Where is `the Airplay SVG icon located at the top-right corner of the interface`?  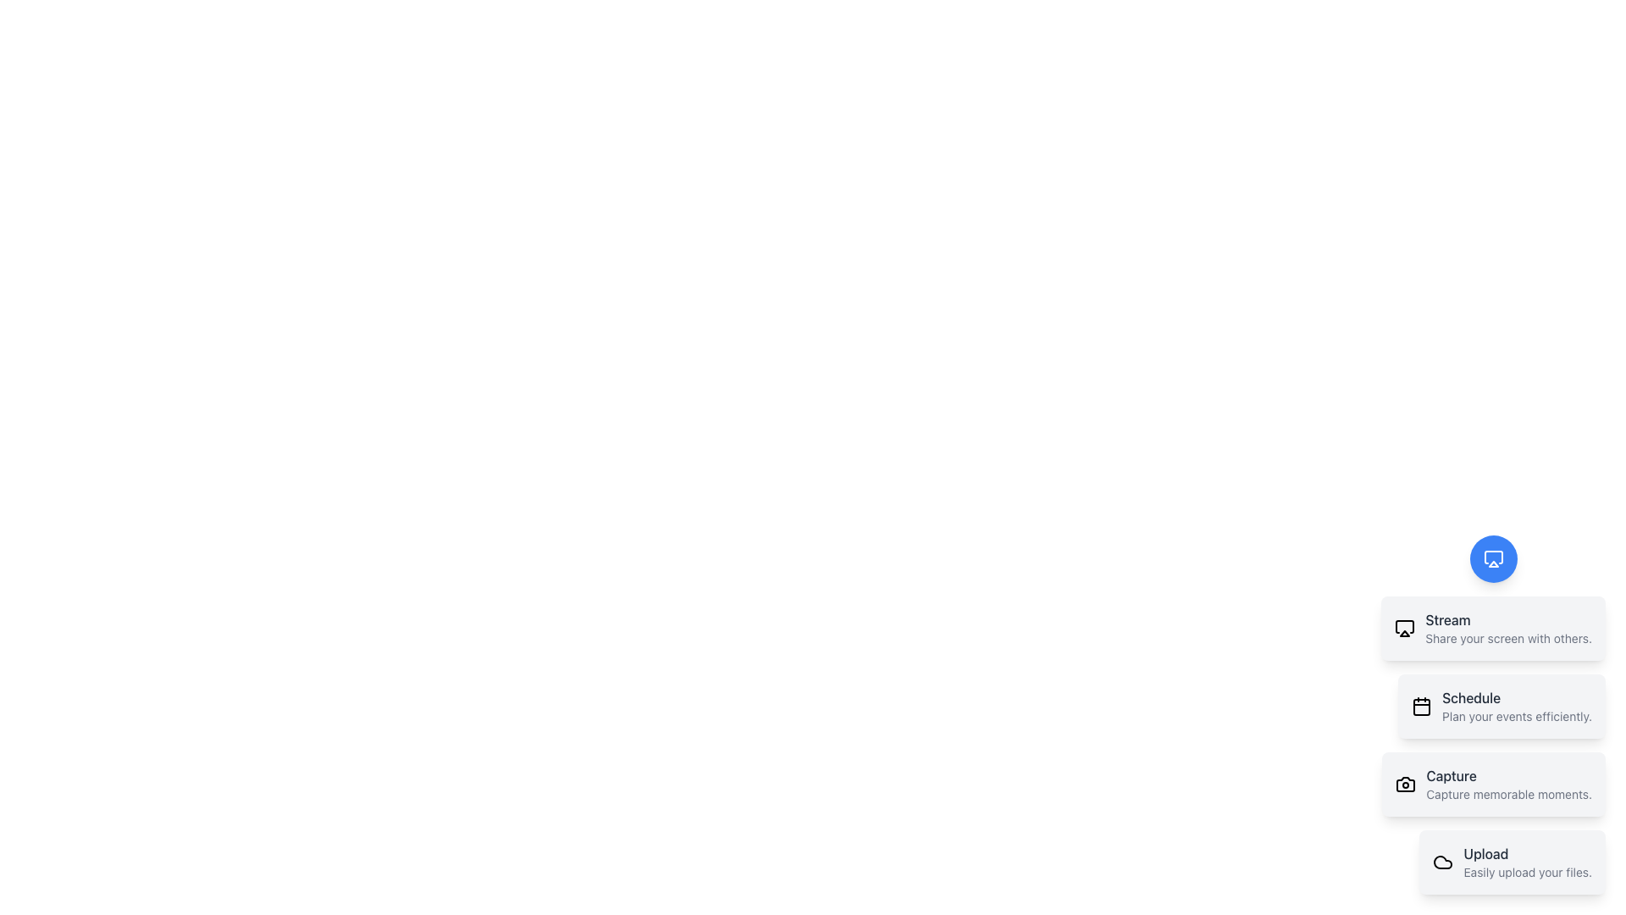 the Airplay SVG icon located at the top-right corner of the interface is located at coordinates (1493, 558).